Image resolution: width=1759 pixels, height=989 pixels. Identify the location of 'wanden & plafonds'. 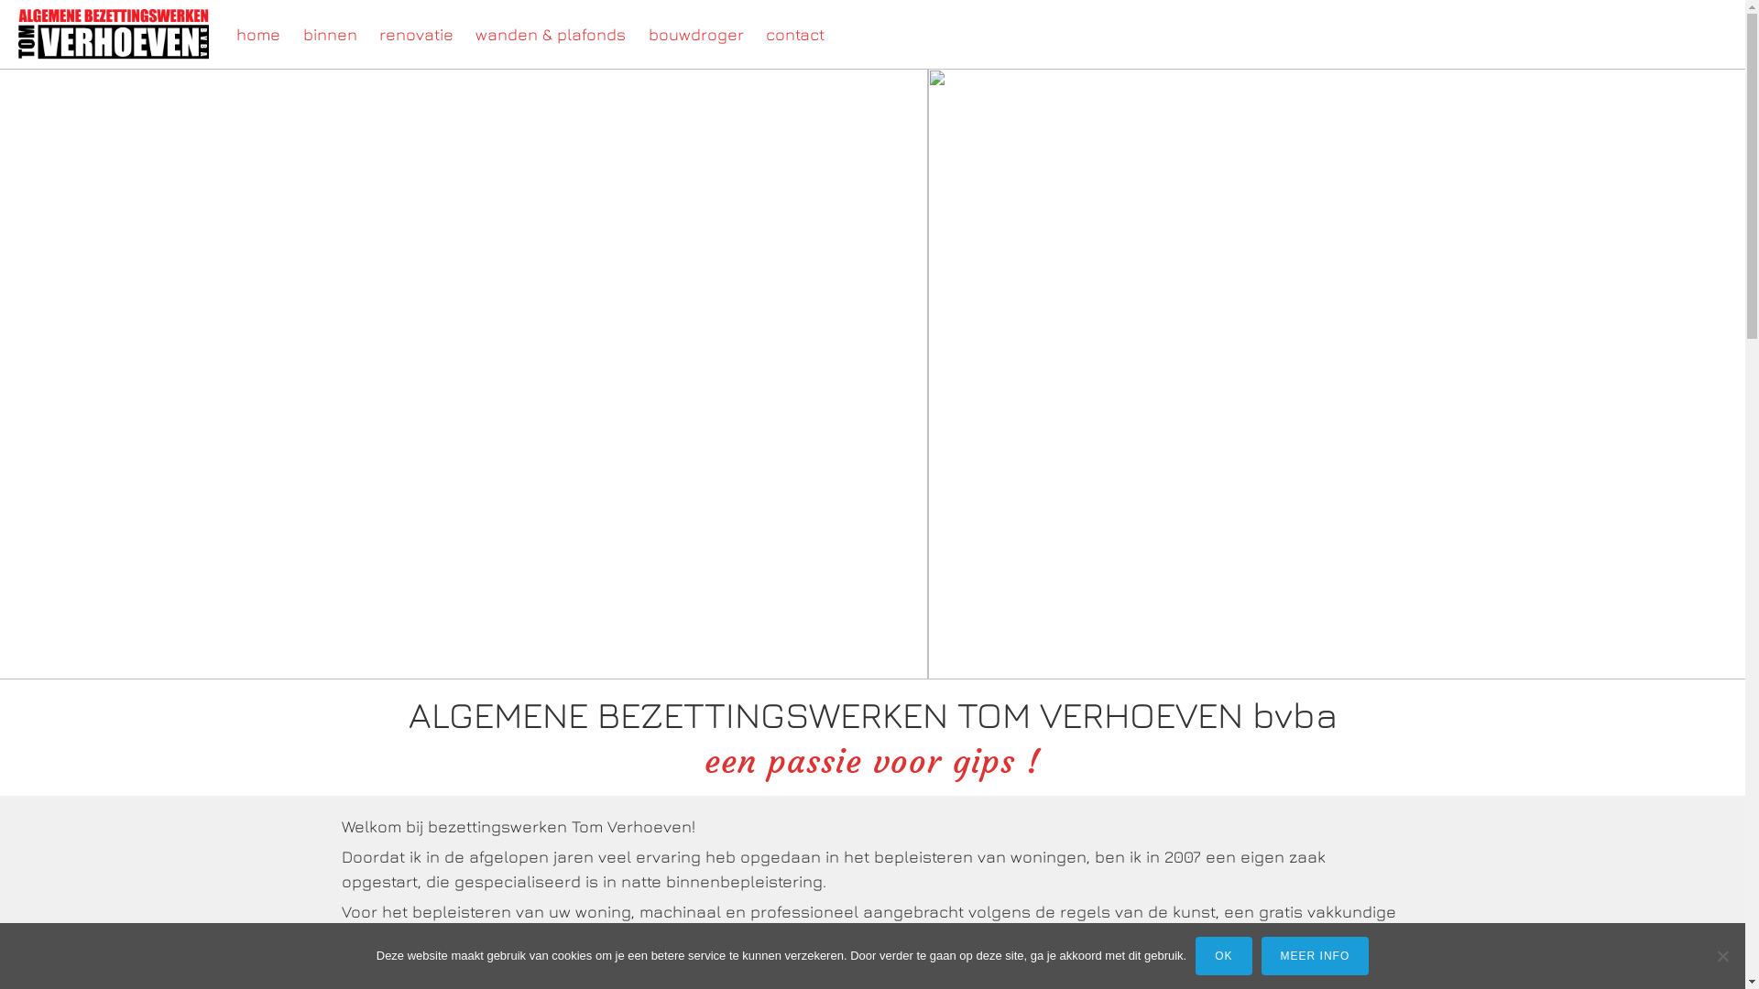
(549, 35).